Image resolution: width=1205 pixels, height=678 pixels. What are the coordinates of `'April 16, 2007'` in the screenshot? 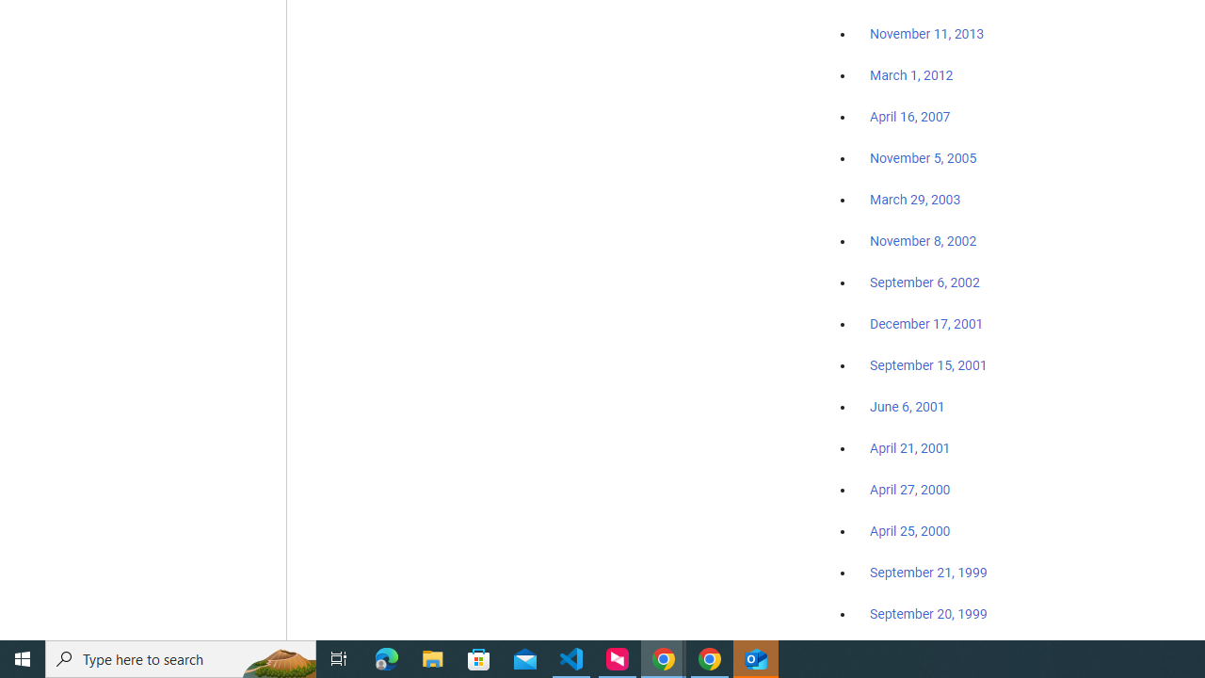 It's located at (910, 117).